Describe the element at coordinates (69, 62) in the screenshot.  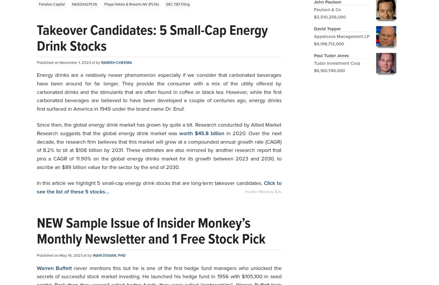
I see `'Published on November 1, 2023 at  by'` at that location.